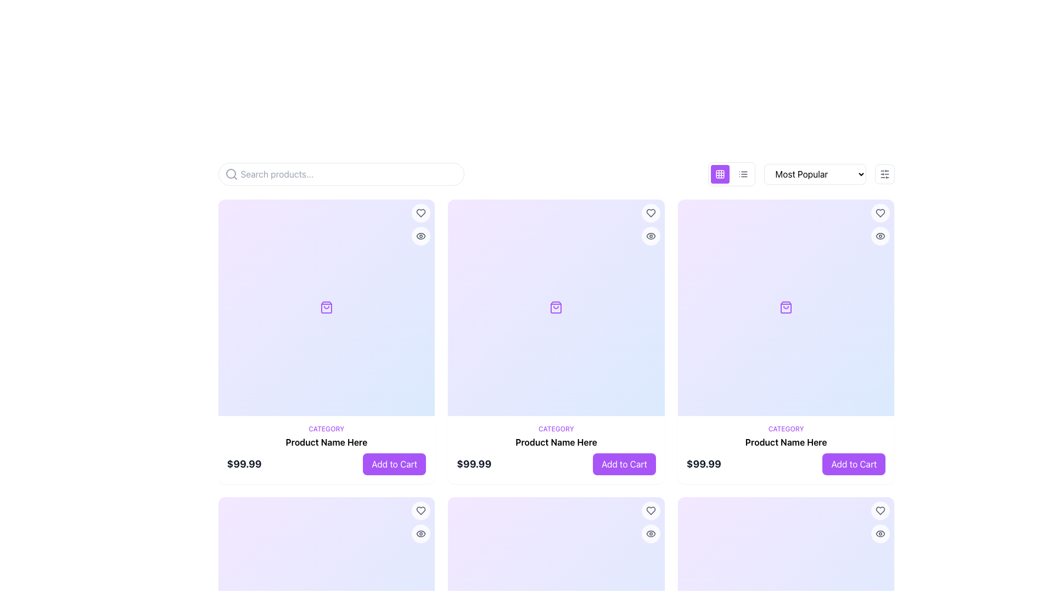 The image size is (1054, 592). Describe the element at coordinates (651, 236) in the screenshot. I see `the eye icon located in the top-right portion of the card, which serves as a visibility toggle for the associated product, positioned just to the left of the heart icon` at that location.